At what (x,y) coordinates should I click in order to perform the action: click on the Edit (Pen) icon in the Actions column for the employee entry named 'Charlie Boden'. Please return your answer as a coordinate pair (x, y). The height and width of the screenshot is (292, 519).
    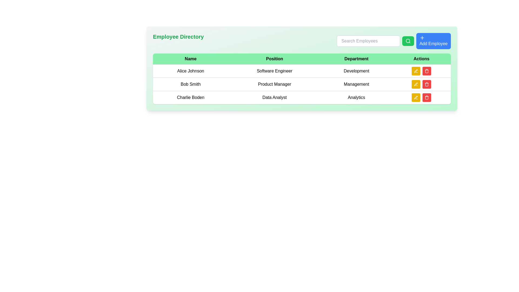
    Looking at the image, I should click on (416, 97).